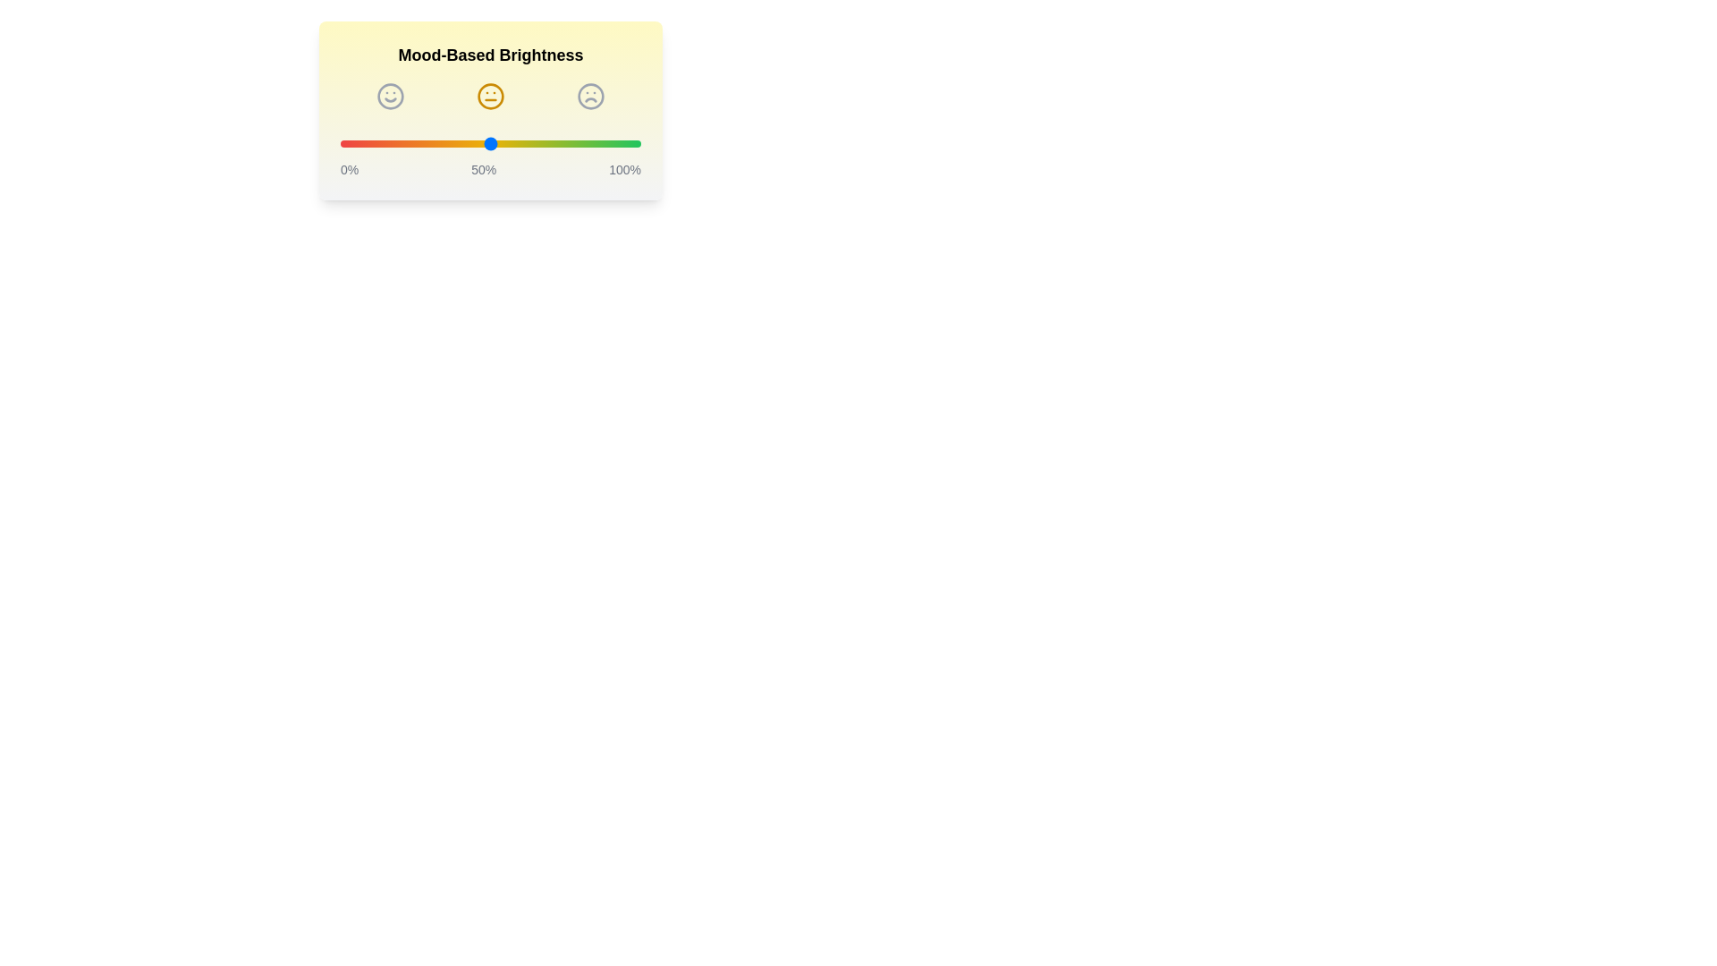 The width and height of the screenshot is (1717, 966). What do you see at coordinates (575, 143) in the screenshot?
I see `the brightness slider to 78% to observe the mood icon change` at bounding box center [575, 143].